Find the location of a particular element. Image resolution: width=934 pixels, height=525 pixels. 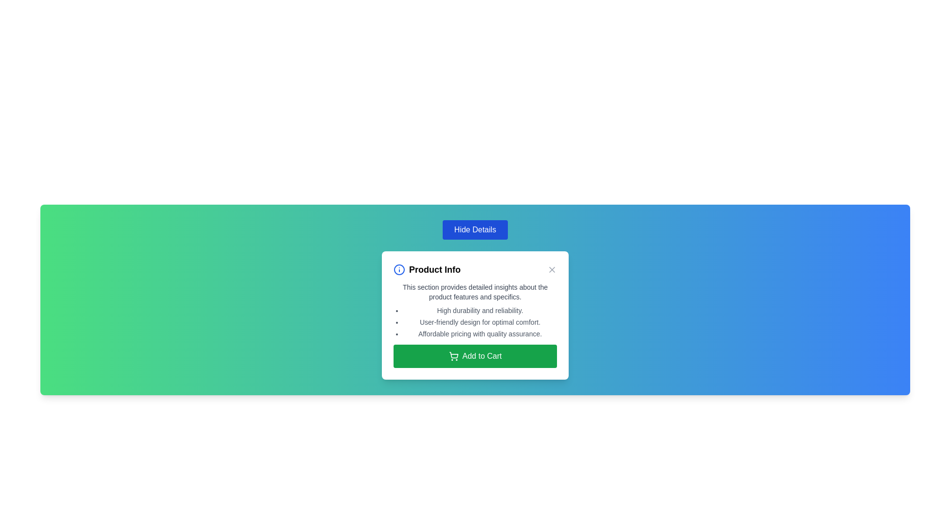

informative text in the third position of the bulleted list inside the 'Product Info' modal is located at coordinates (480, 333).